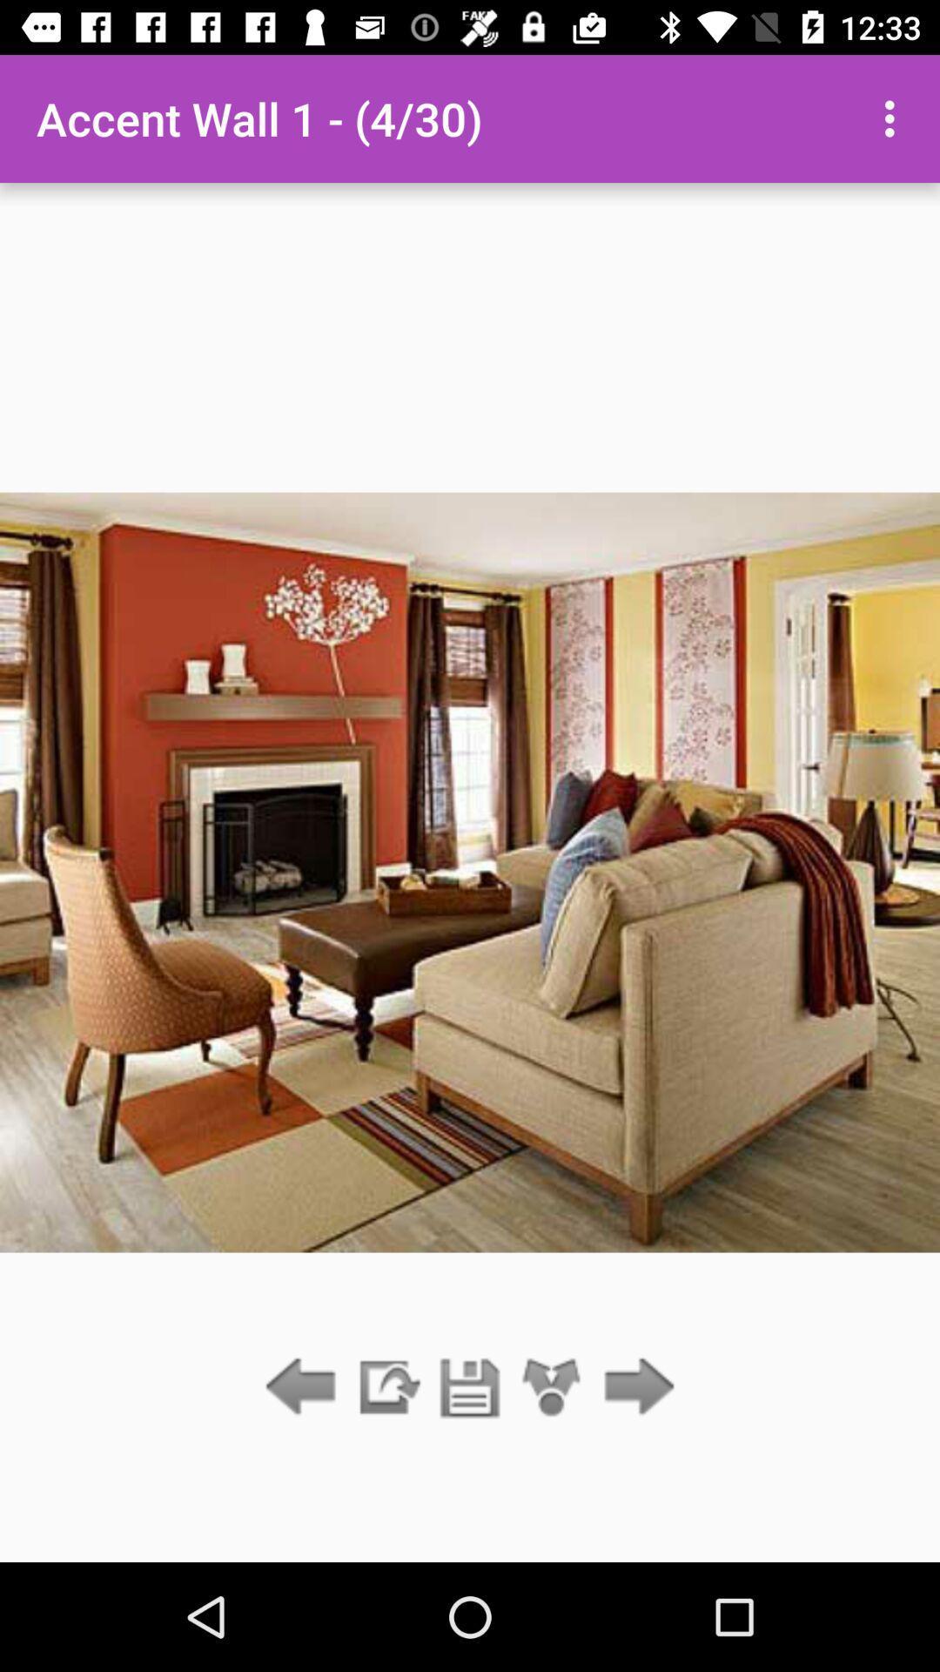  Describe the element at coordinates (305, 1387) in the screenshot. I see `previous screen` at that location.